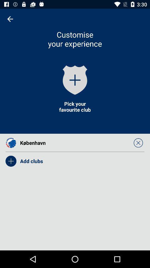 This screenshot has height=268, width=150. I want to click on icon at the top left corner, so click(10, 19).